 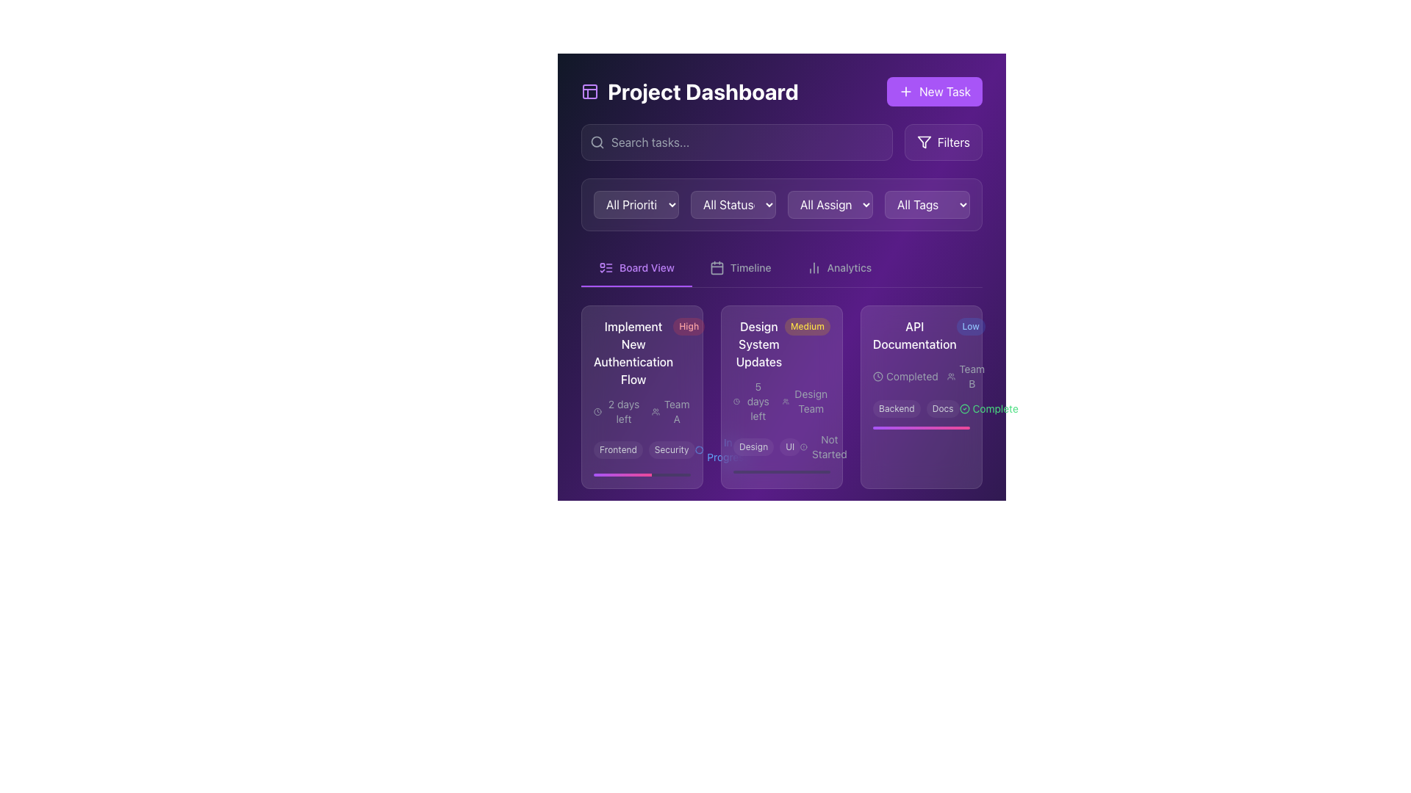 I want to click on text of the second badge located next to the 'Design' badge within the 'Design System Updates' card, so click(x=789, y=446).